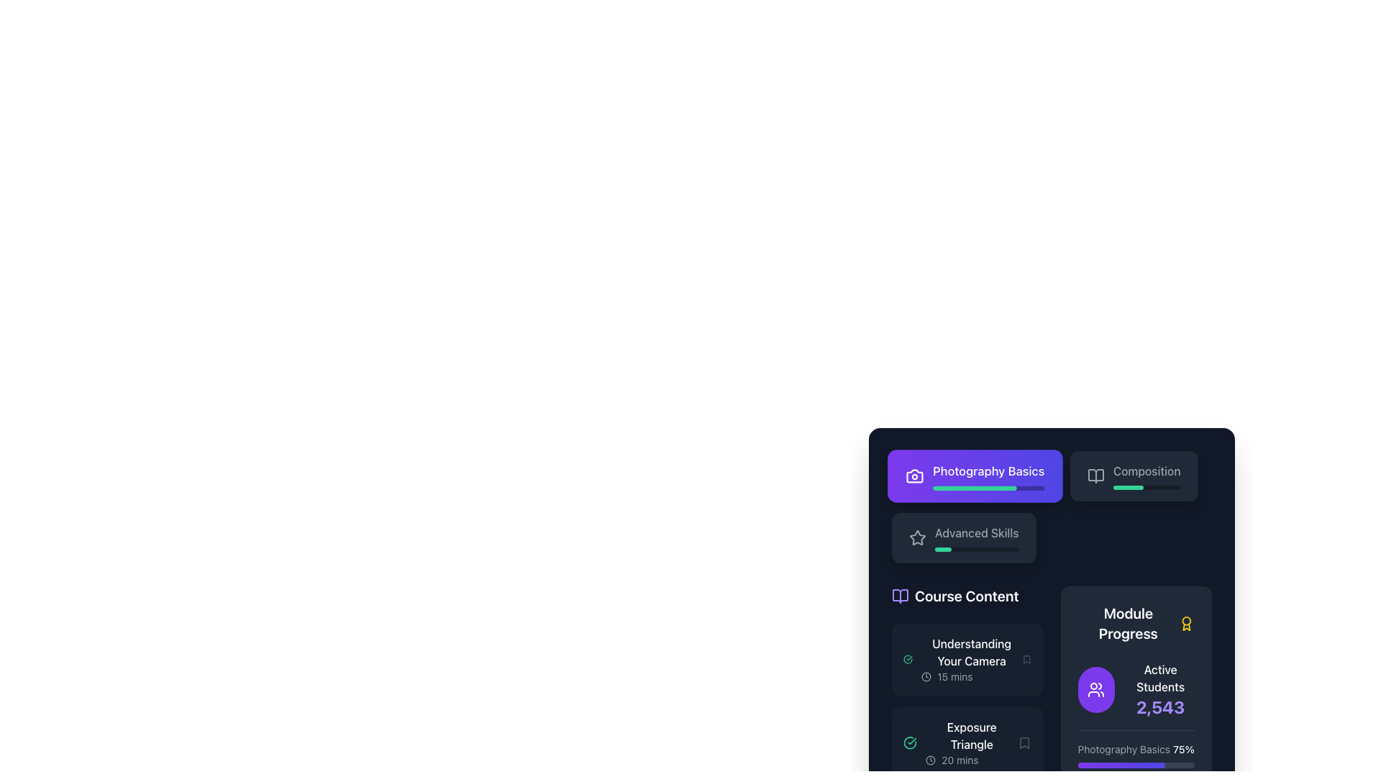  What do you see at coordinates (1133, 476) in the screenshot?
I see `the 'Composition' interactive button, which features an open book icon and a progress bar` at bounding box center [1133, 476].